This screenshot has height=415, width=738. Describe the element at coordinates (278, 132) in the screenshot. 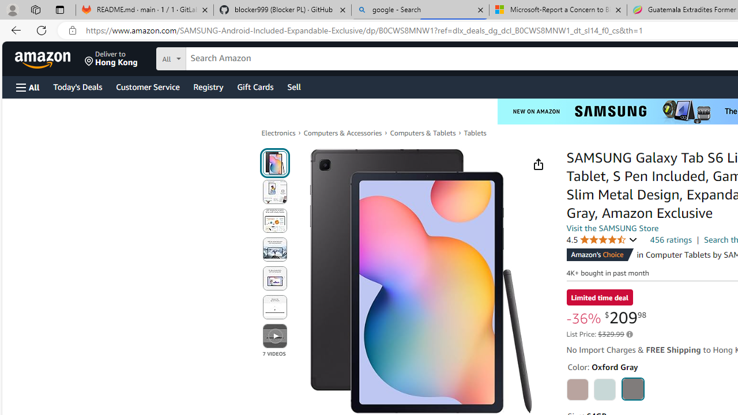

I see `'Electronics'` at that location.